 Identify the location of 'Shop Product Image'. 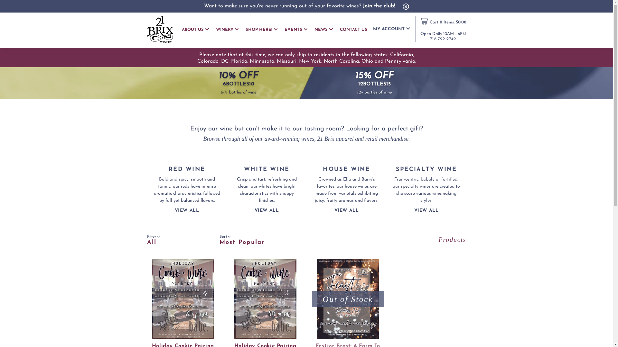
(347, 299).